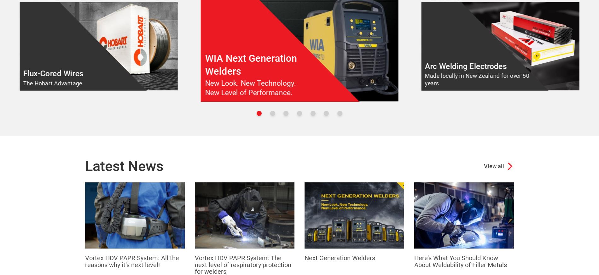 Image resolution: width=599 pixels, height=275 pixels. I want to click on 'New Level of Performance.', so click(248, 93).